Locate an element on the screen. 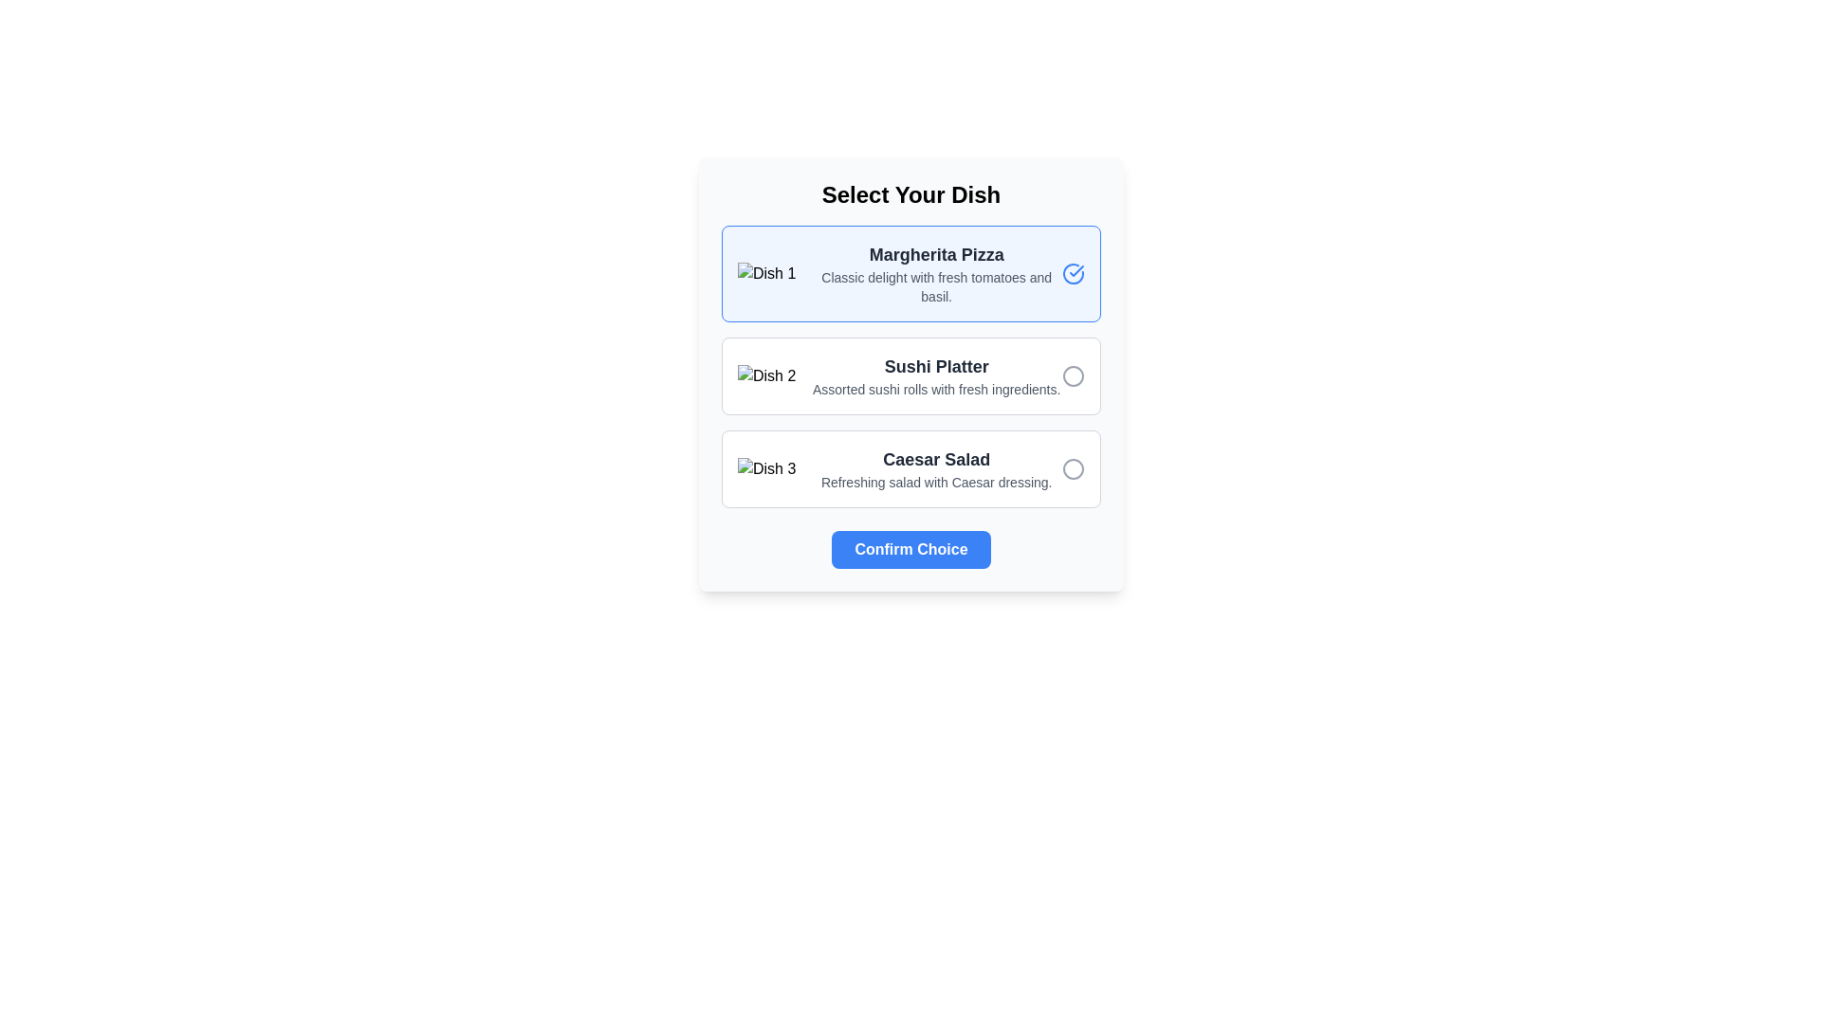  the image representing the 'Sushi Platter' for selection or interaction is located at coordinates (766, 376).